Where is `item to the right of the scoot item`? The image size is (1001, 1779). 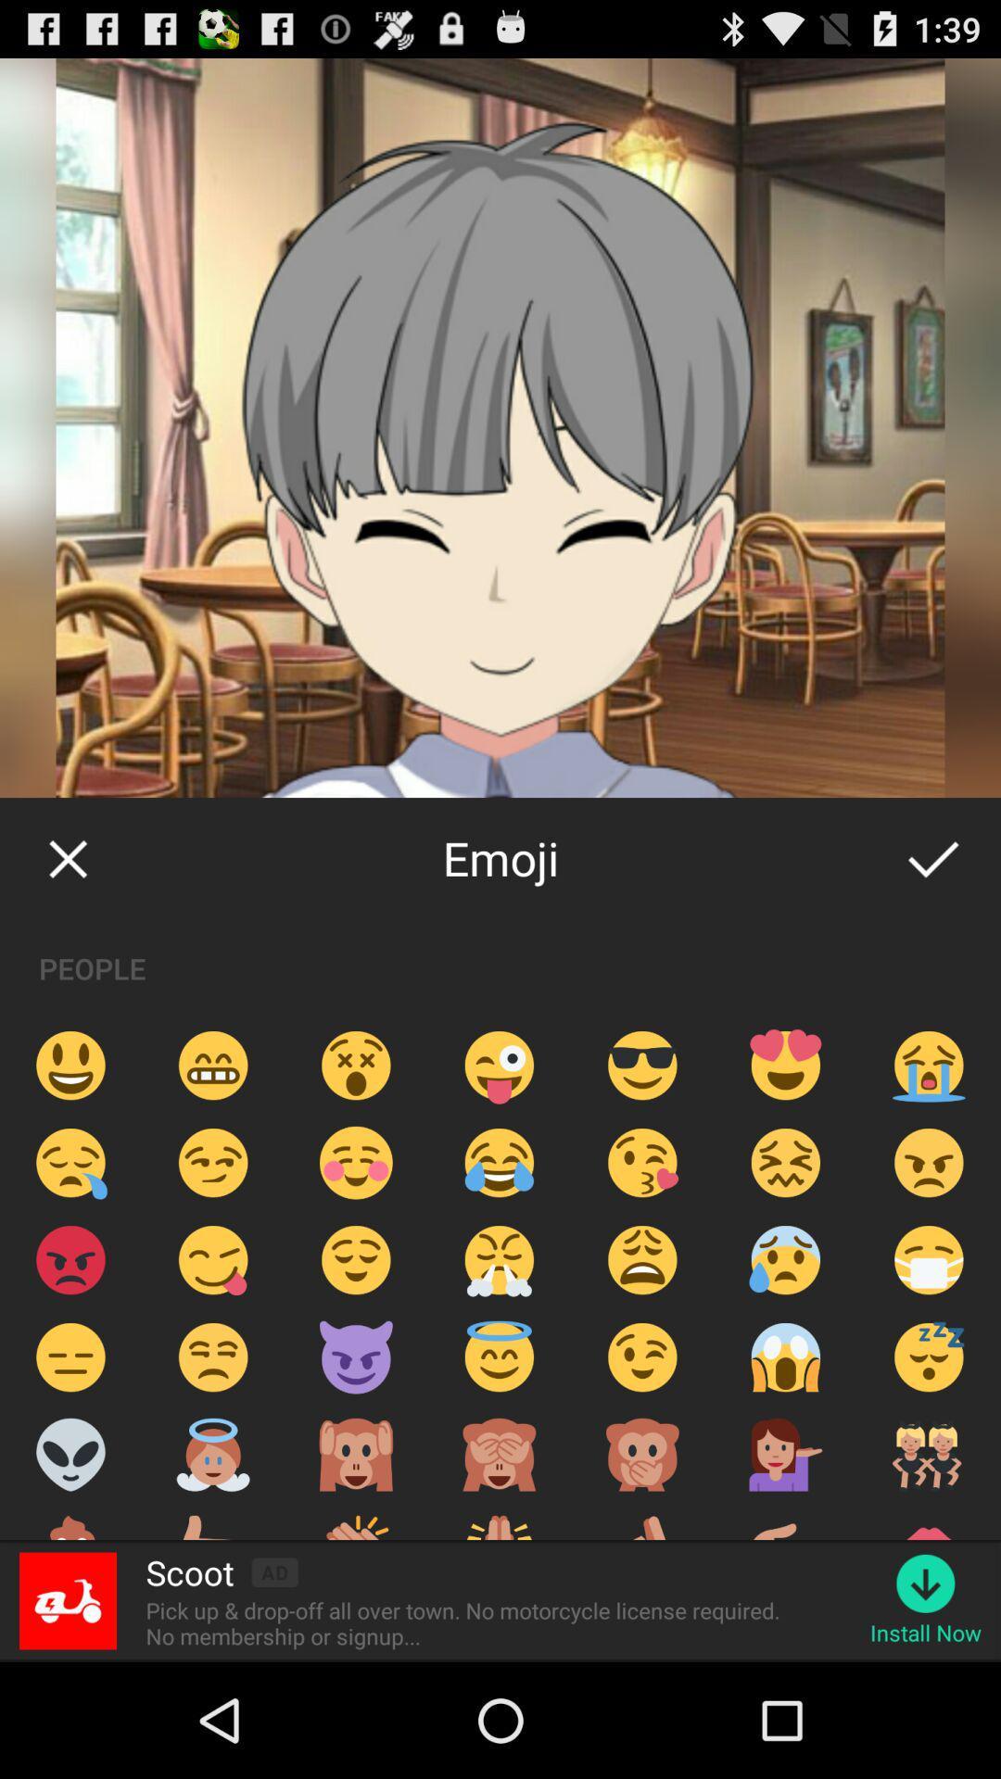
item to the right of the scoot item is located at coordinates (274, 1571).